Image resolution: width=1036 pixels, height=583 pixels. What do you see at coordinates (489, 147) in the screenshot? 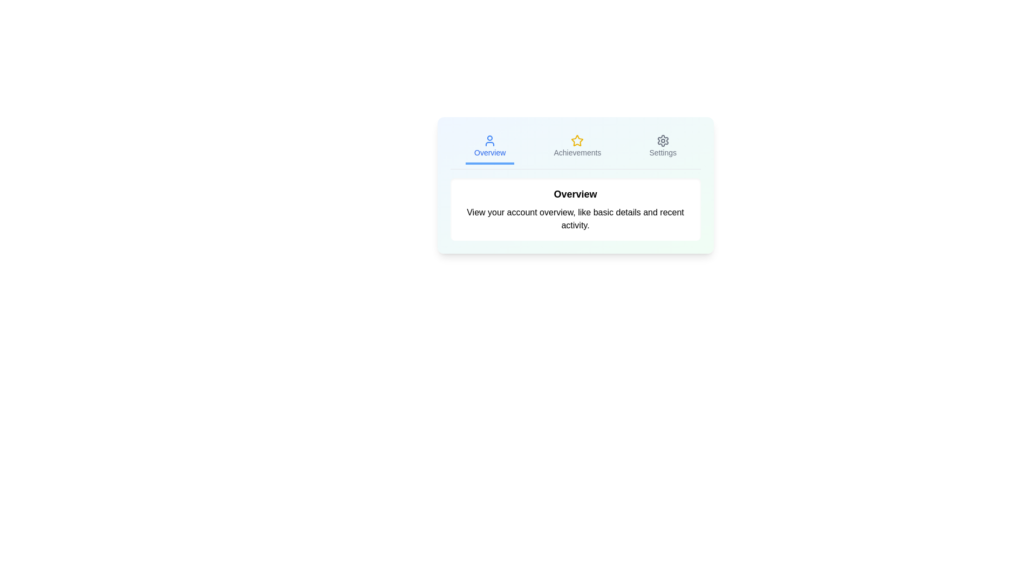
I see `the Overview tab by clicking on it` at bounding box center [489, 147].